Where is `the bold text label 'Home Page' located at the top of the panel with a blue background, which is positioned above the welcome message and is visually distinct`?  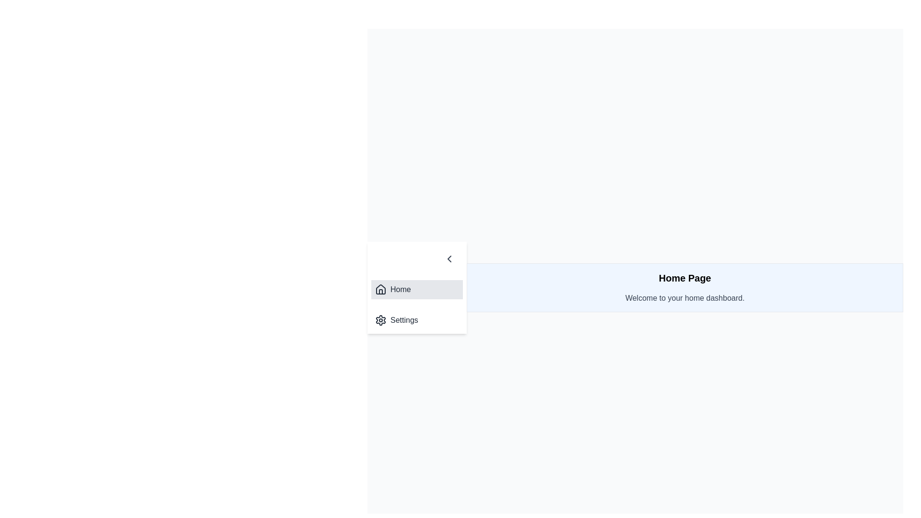
the bold text label 'Home Page' located at the top of the panel with a blue background, which is positioned above the welcome message and is visually distinct is located at coordinates (685, 278).